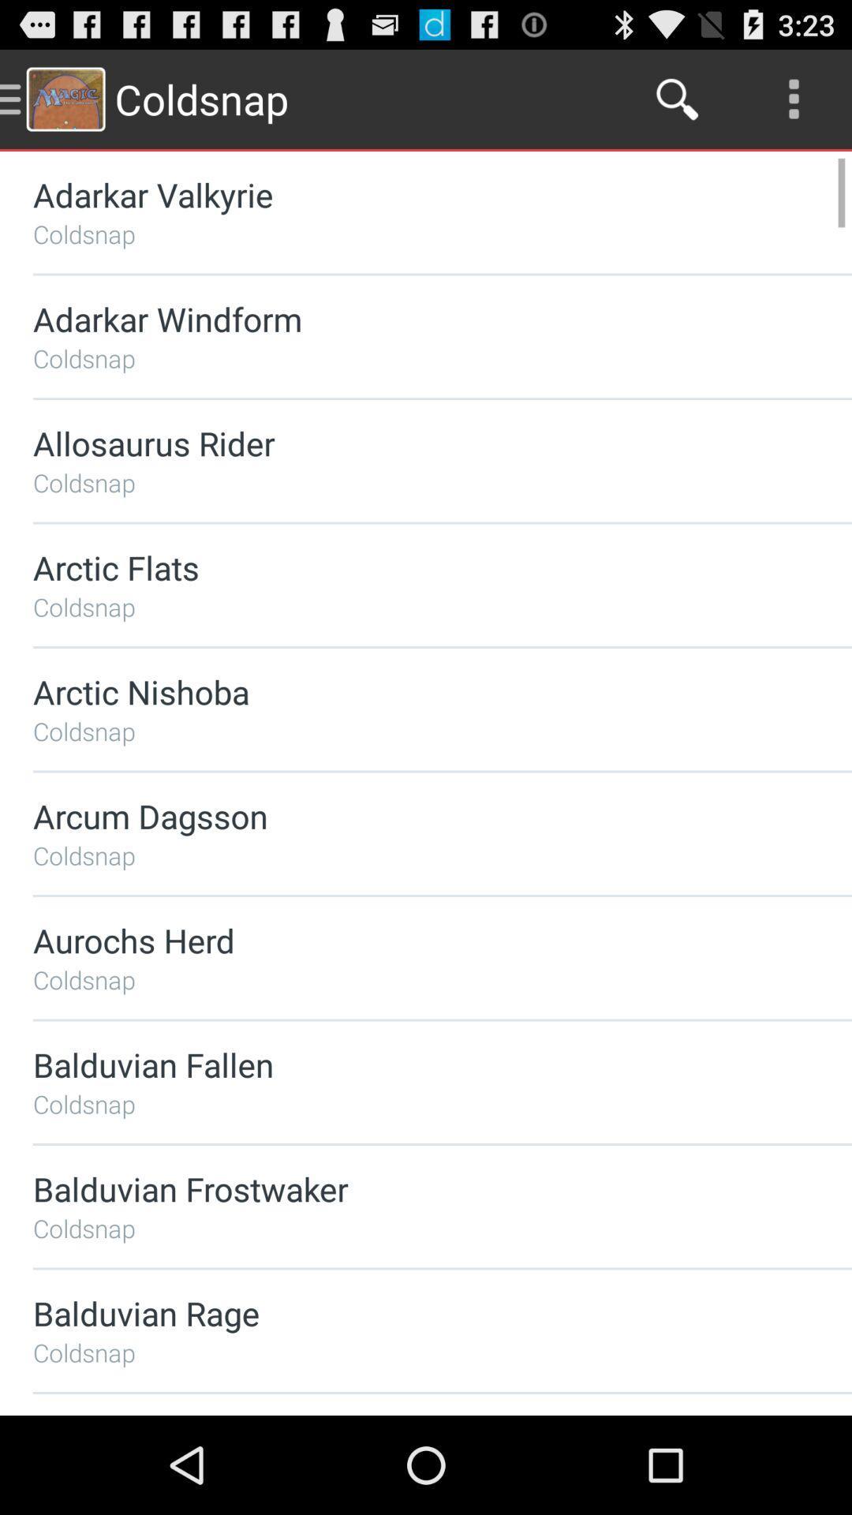 The width and height of the screenshot is (852, 1515). What do you see at coordinates (400, 567) in the screenshot?
I see `arctic flats icon` at bounding box center [400, 567].